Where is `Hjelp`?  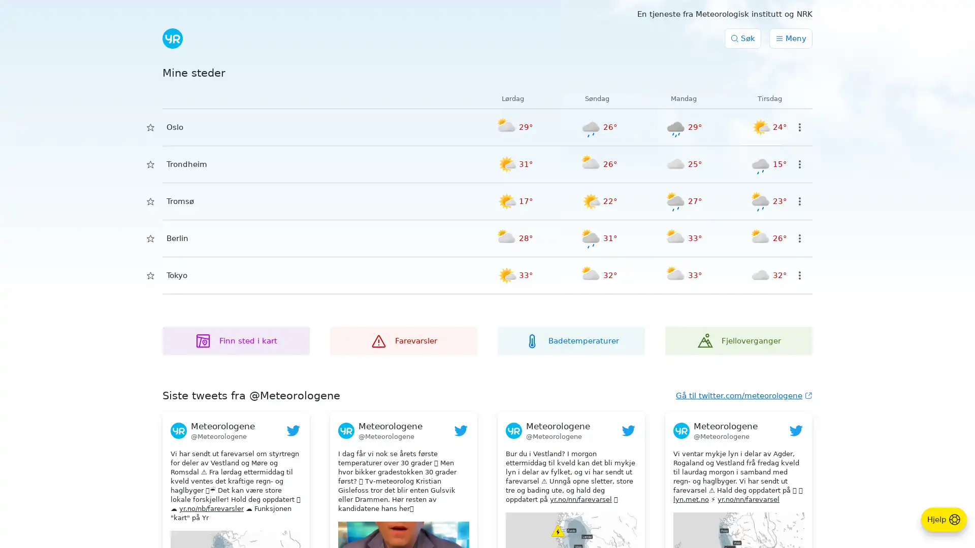 Hjelp is located at coordinates (943, 519).